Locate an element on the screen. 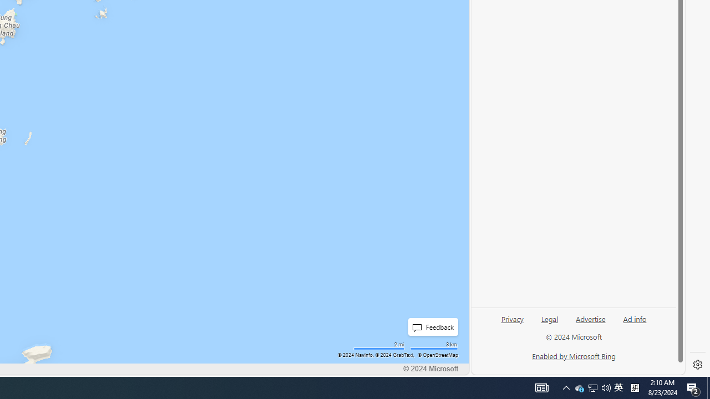 This screenshot has height=399, width=710. 'Legal' is located at coordinates (550, 318).